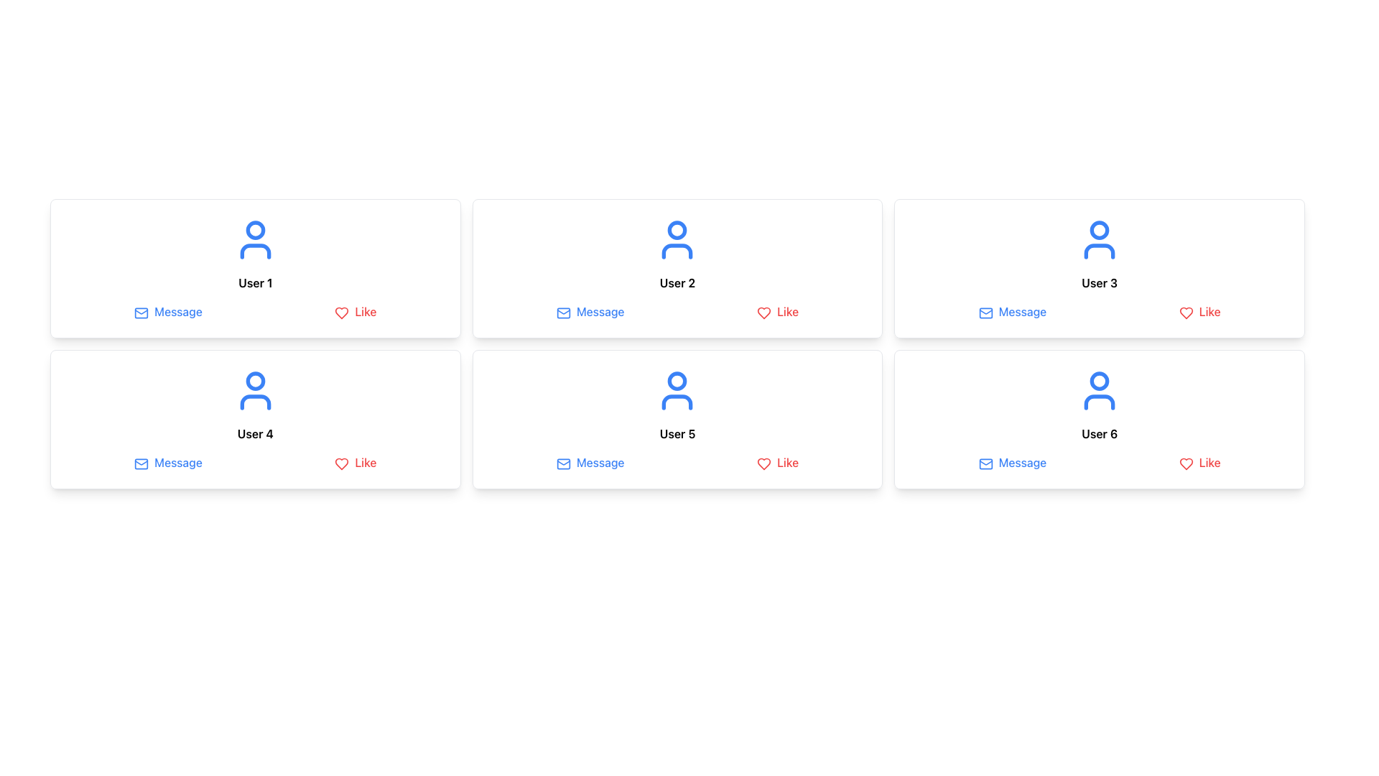  Describe the element at coordinates (255, 251) in the screenshot. I see `the lower part of an abstract user silhouette icon, which is represented by curved lines forming the base or shoulders of the figure, located within the SVG user icon` at that location.